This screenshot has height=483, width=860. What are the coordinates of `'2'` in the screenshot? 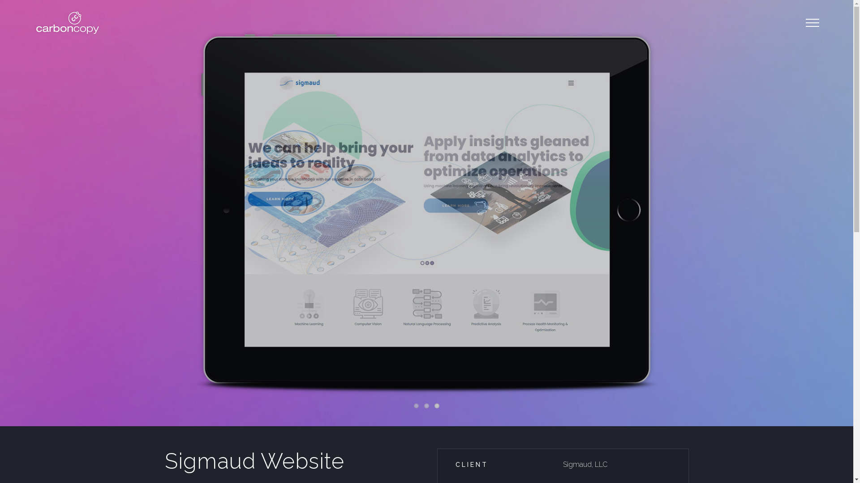 It's located at (426, 406).